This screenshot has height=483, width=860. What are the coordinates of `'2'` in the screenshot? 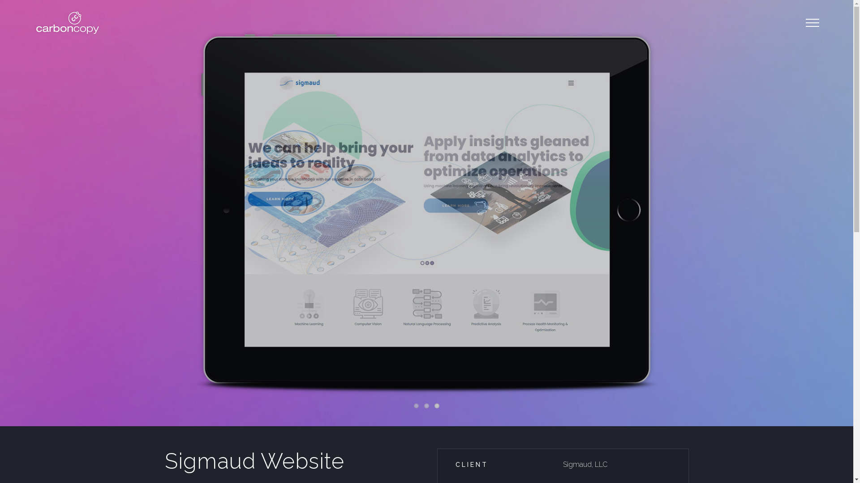 It's located at (426, 406).